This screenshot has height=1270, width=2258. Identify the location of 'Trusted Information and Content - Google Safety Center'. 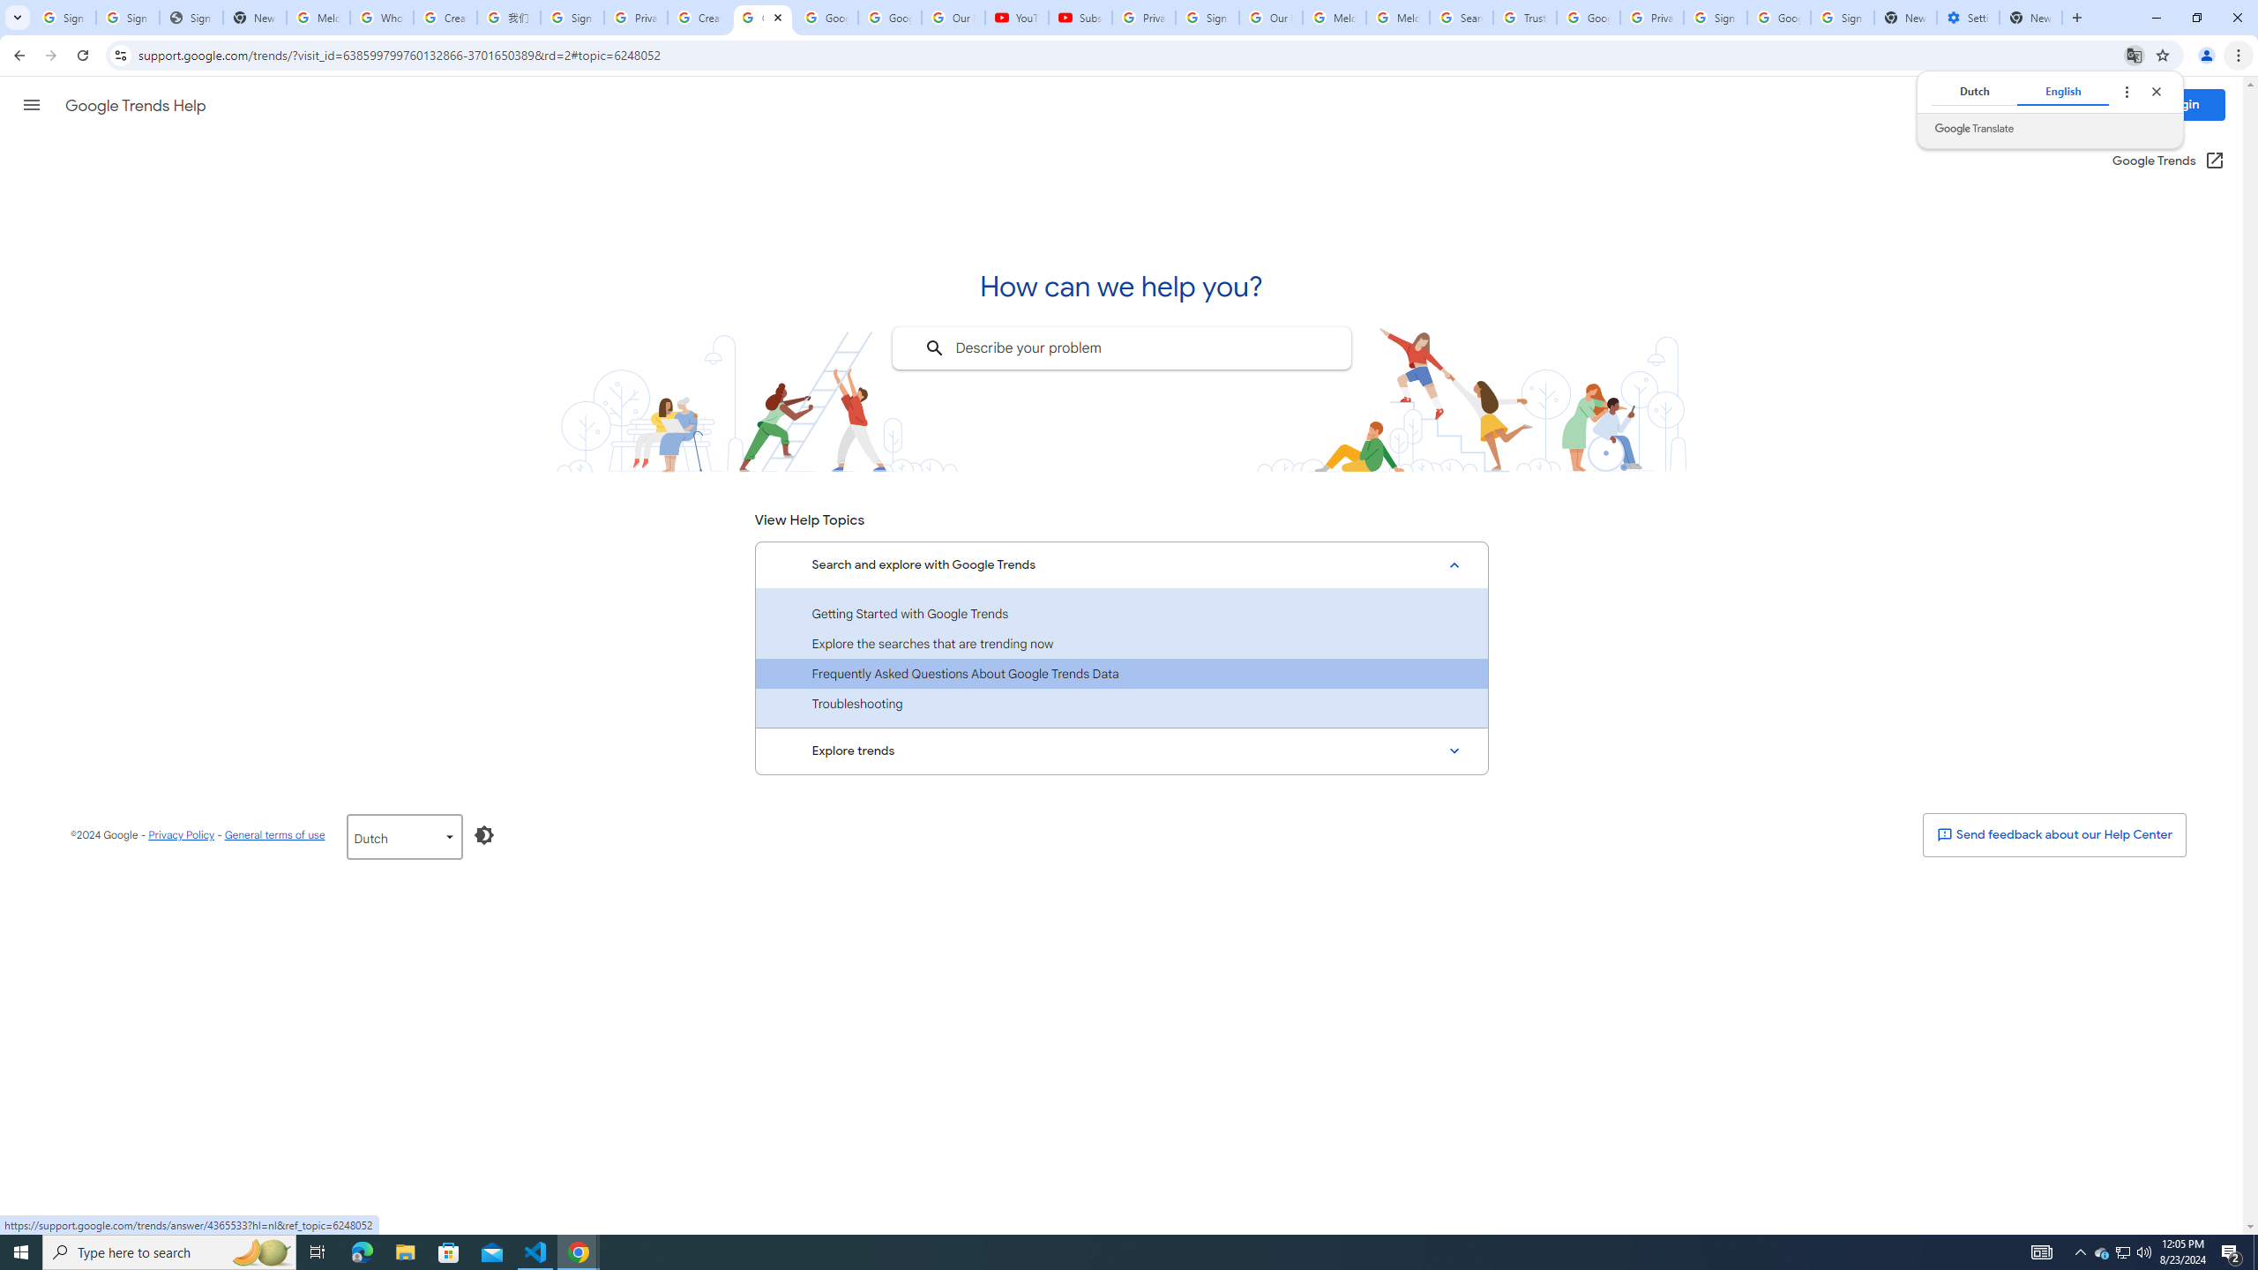
(1524, 17).